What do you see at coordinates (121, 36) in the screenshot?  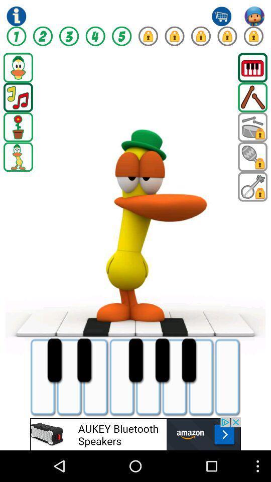 I see `level select` at bounding box center [121, 36].